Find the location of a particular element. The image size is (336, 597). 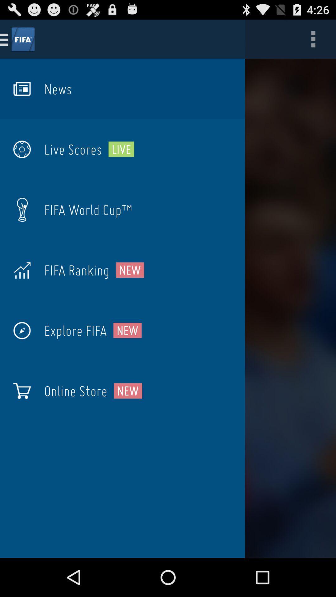

the online store item is located at coordinates (75, 391).